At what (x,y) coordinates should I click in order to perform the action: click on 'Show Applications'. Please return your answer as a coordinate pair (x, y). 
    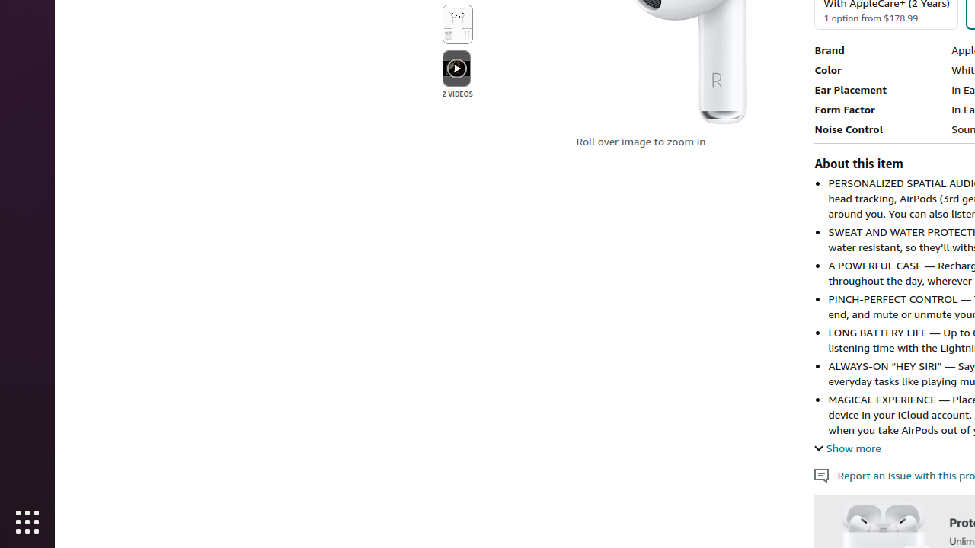
    Looking at the image, I should click on (27, 521).